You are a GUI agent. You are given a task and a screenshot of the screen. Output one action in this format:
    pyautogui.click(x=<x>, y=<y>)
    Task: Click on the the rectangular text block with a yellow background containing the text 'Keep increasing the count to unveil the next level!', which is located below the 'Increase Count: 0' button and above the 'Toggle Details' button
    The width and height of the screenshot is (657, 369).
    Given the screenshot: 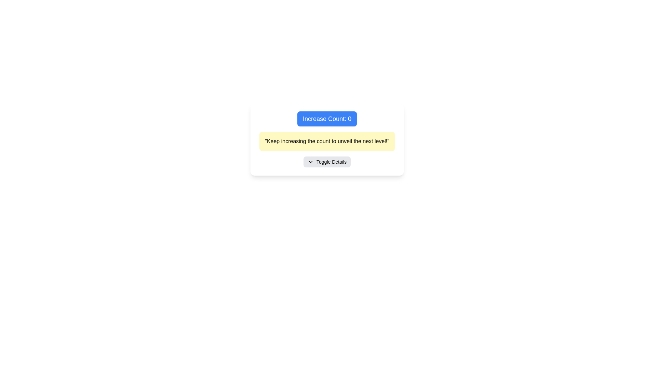 What is the action you would take?
    pyautogui.click(x=326, y=141)
    